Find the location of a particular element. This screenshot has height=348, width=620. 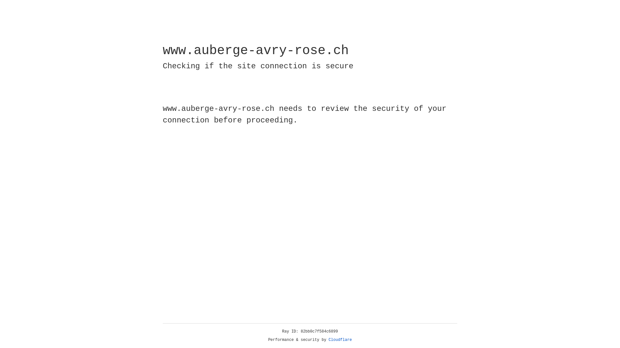

'Cloudflare' is located at coordinates (340, 340).